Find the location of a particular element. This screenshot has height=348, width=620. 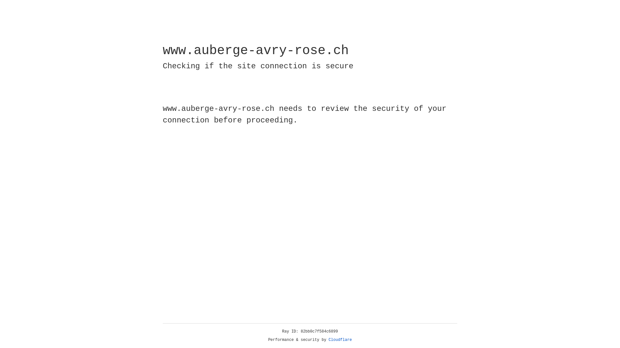

'Cloudflare' is located at coordinates (340, 340).